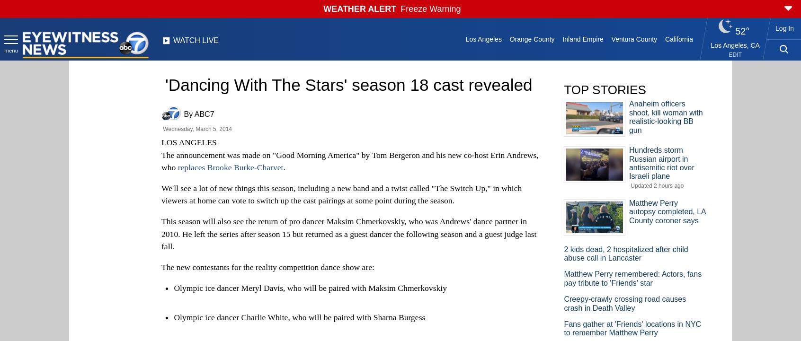 This screenshot has width=801, height=341. Describe the element at coordinates (482, 38) in the screenshot. I see `'Los Angeles'` at that location.